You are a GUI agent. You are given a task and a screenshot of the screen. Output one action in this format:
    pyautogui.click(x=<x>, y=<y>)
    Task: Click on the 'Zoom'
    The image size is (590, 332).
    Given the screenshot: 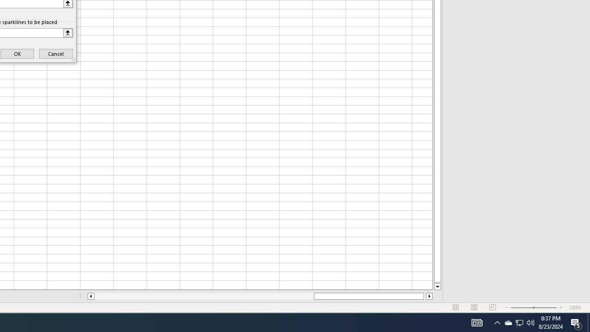 What is the action you would take?
    pyautogui.click(x=534, y=308)
    